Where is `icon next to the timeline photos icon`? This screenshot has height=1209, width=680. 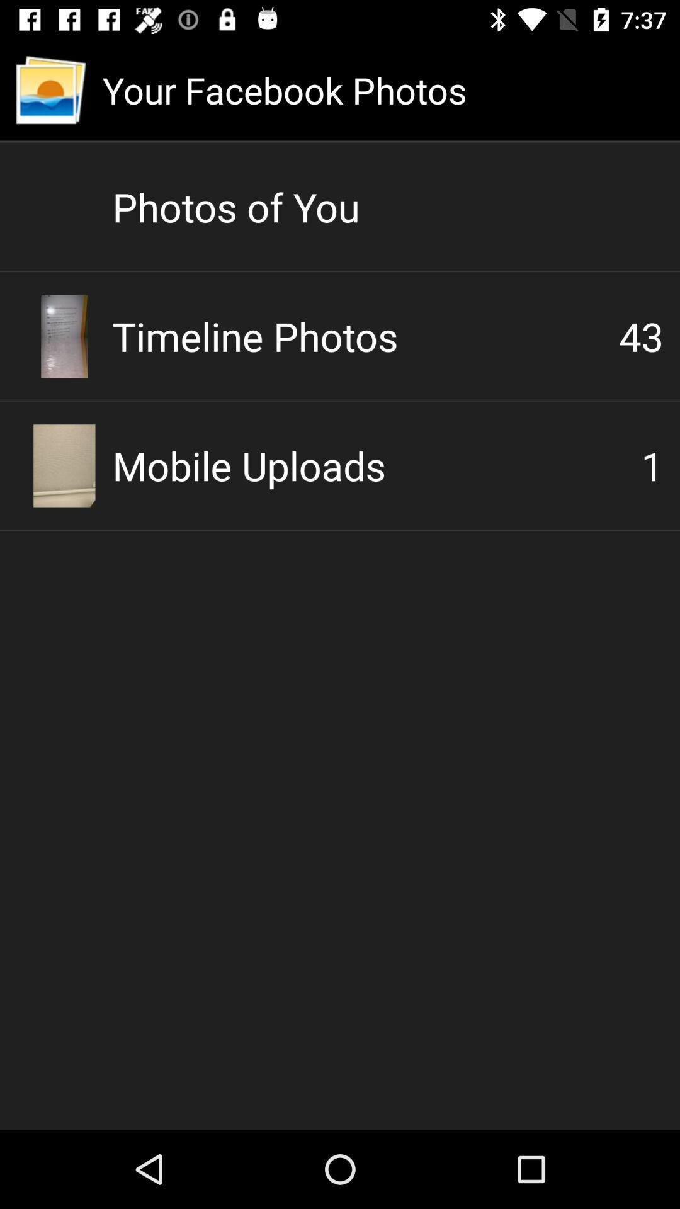 icon next to the timeline photos icon is located at coordinates (641, 336).